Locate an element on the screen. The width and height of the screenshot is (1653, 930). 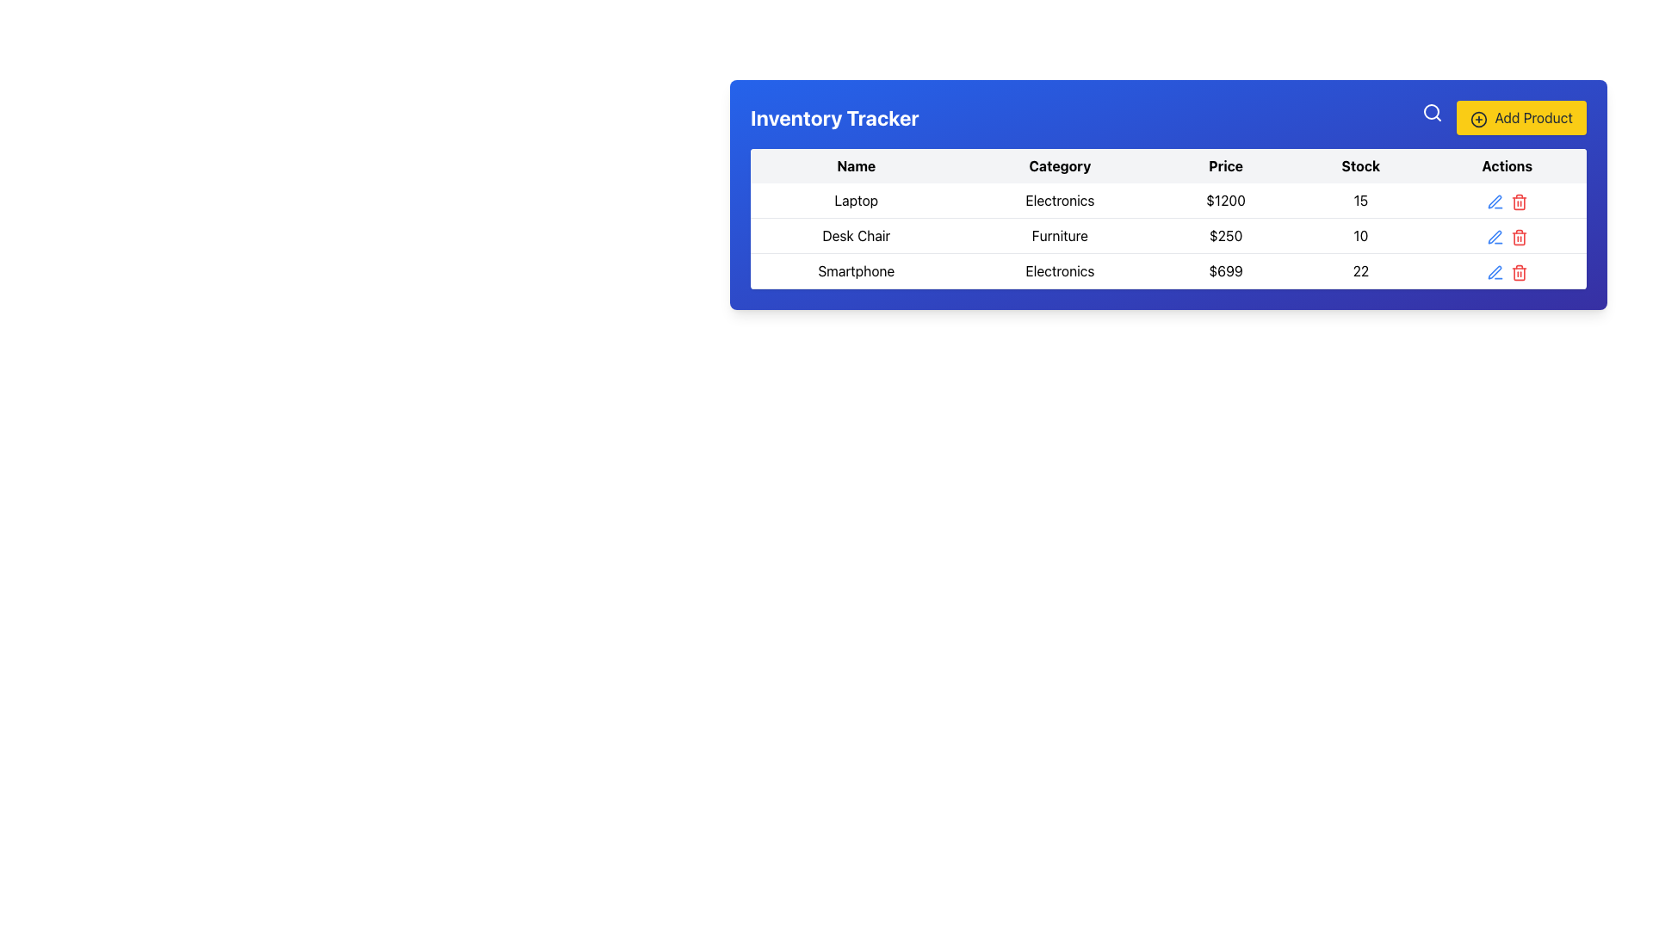
the 'Add Product' button located in the top-right area of the blue header bar is located at coordinates (1503, 117).